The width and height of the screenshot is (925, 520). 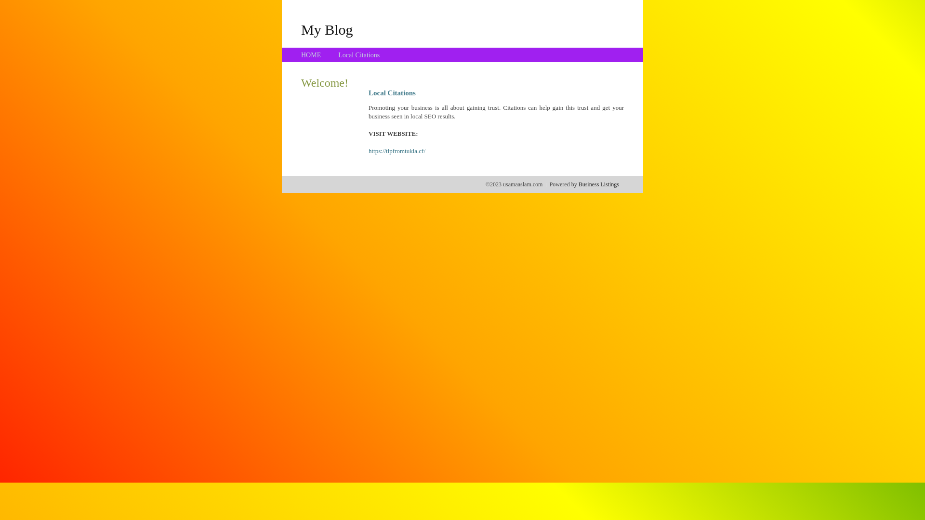 What do you see at coordinates (338, 55) in the screenshot?
I see `'Local Citations'` at bounding box center [338, 55].